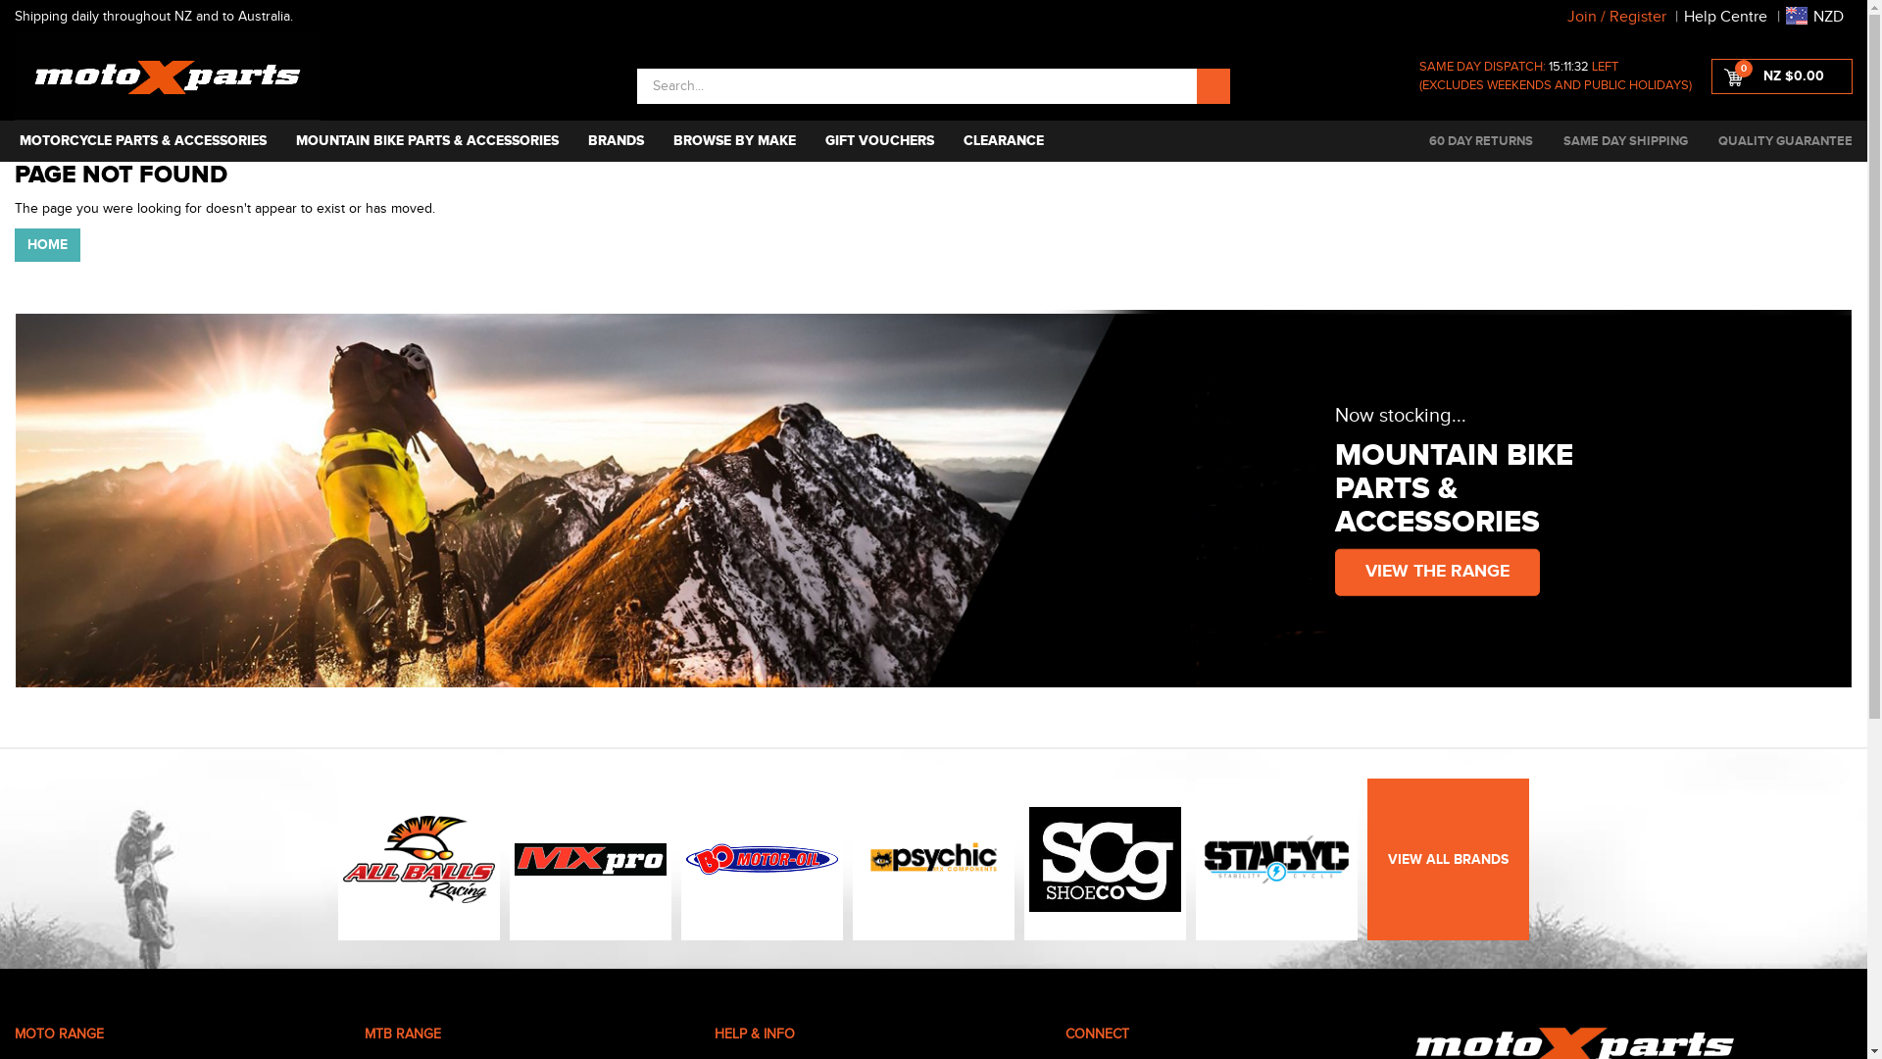 Image resolution: width=1882 pixels, height=1059 pixels. I want to click on '0, so click(1782, 75).